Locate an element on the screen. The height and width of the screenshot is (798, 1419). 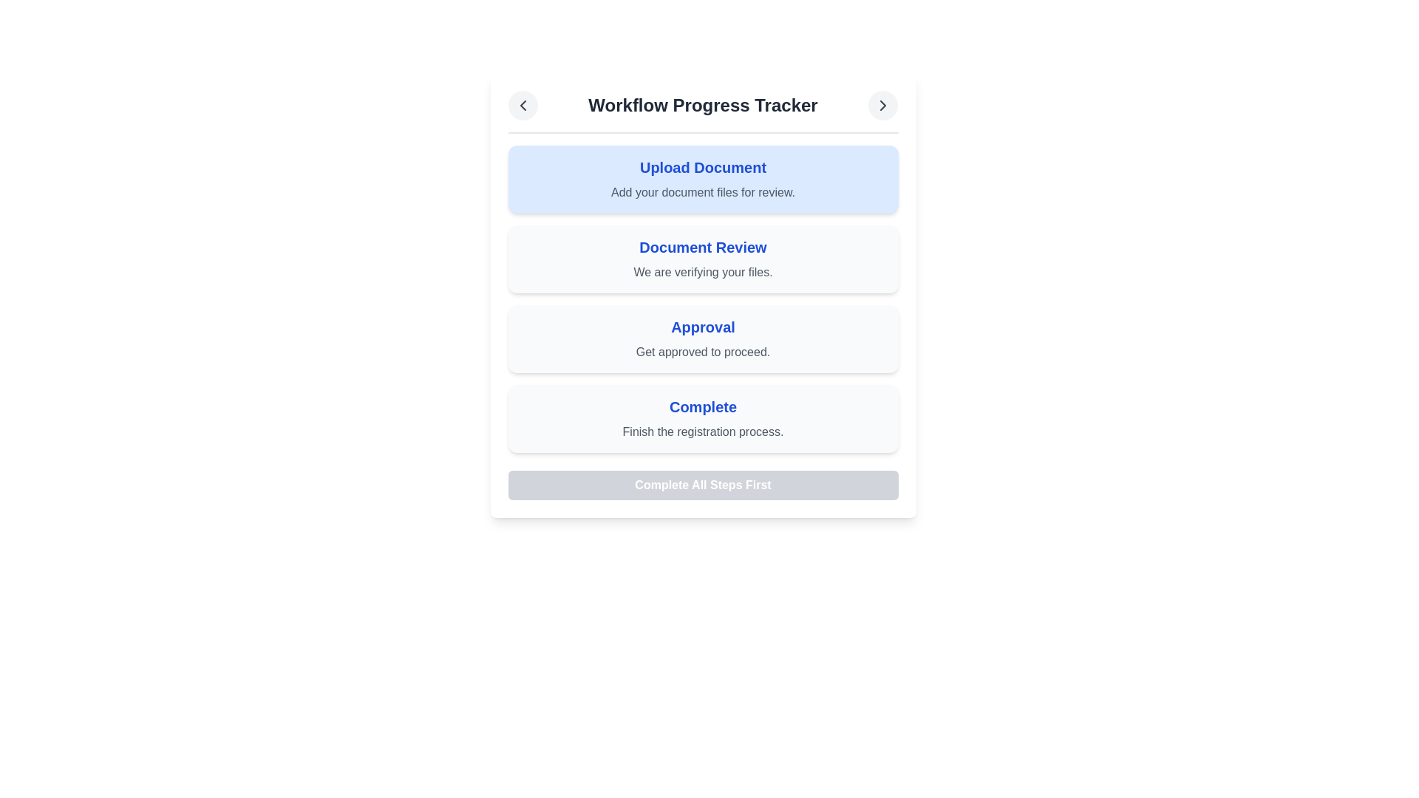
the text label that serves as the title for the document upload card, which is located in the central upper region of the interface is located at coordinates (702, 167).